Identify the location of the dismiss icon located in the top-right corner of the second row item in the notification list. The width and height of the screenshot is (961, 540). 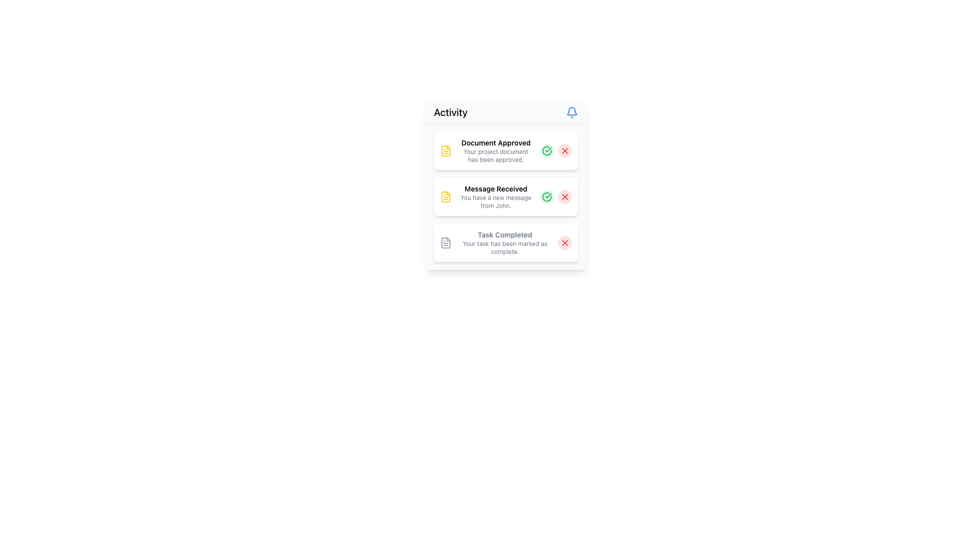
(565, 196).